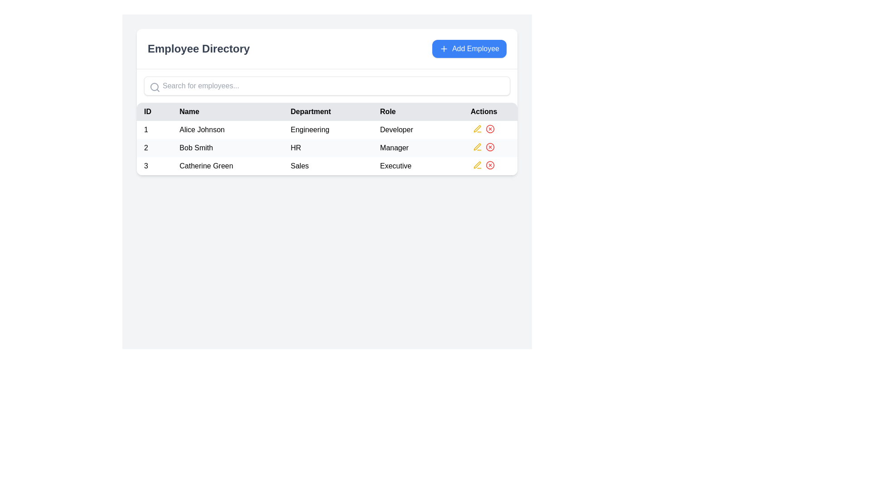  What do you see at coordinates (489, 146) in the screenshot?
I see `the circular icon button with a red border and a red 'X' in the Actions column of the second row in the employee directory table` at bounding box center [489, 146].